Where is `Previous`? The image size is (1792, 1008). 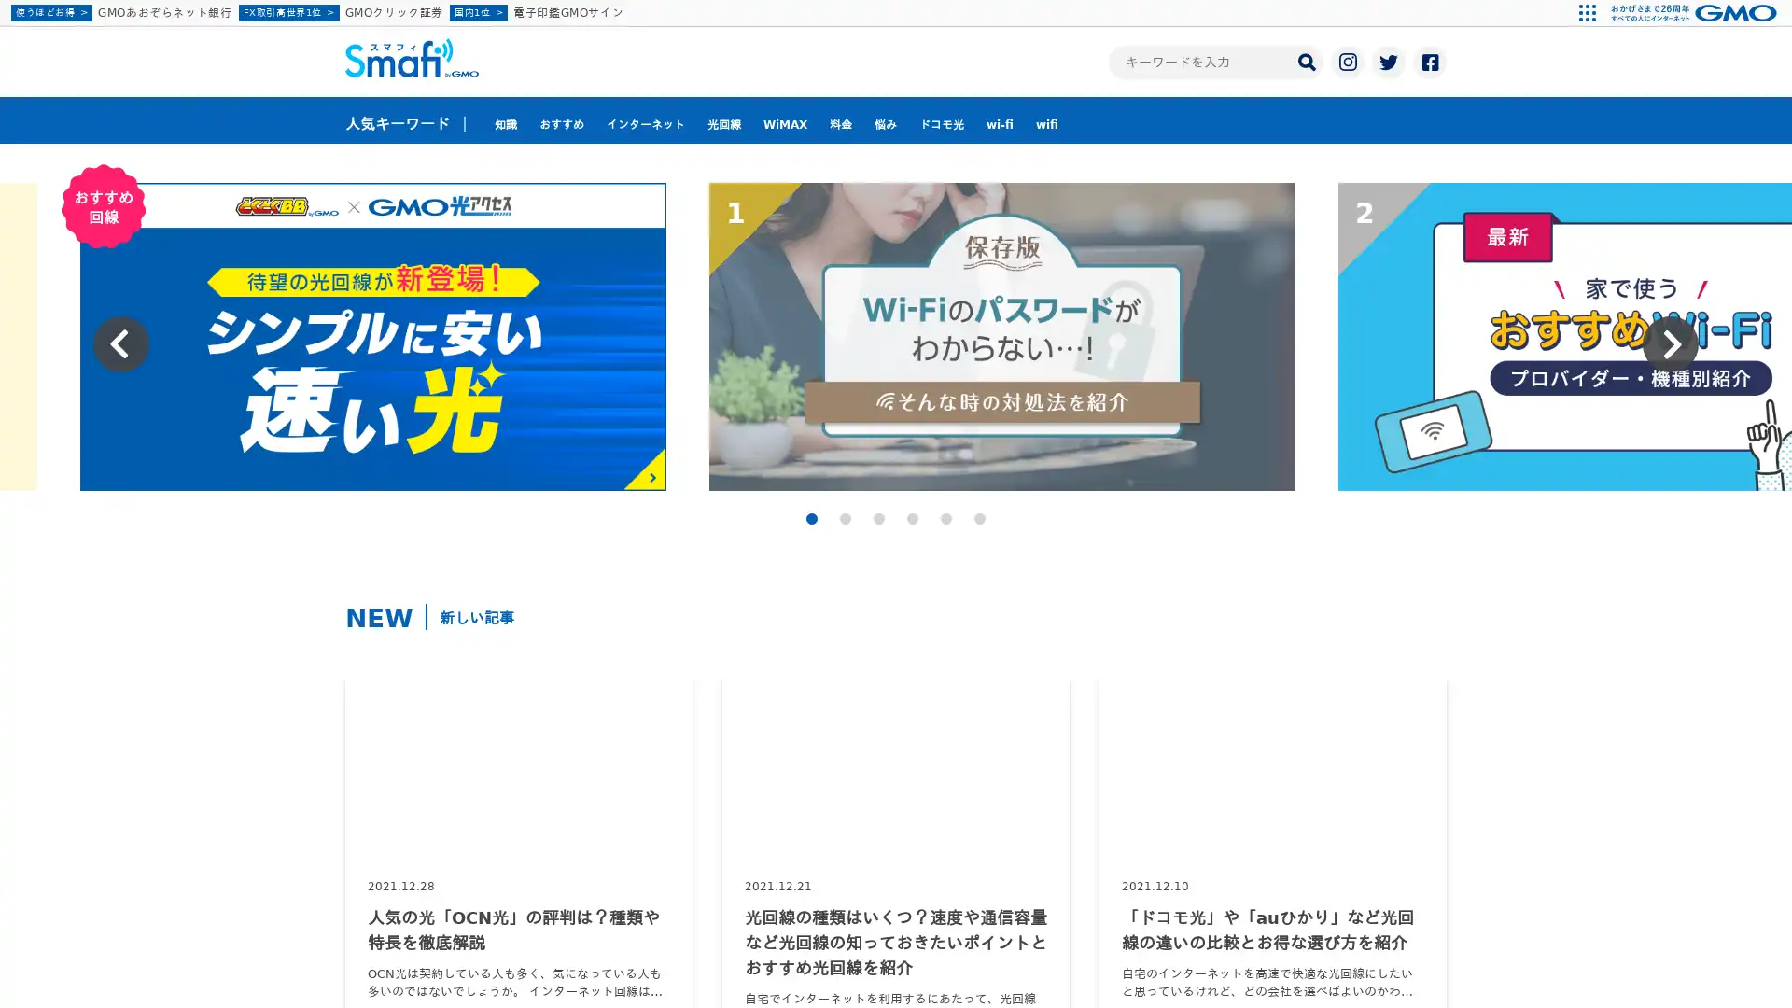
Previous is located at coordinates (119, 344).